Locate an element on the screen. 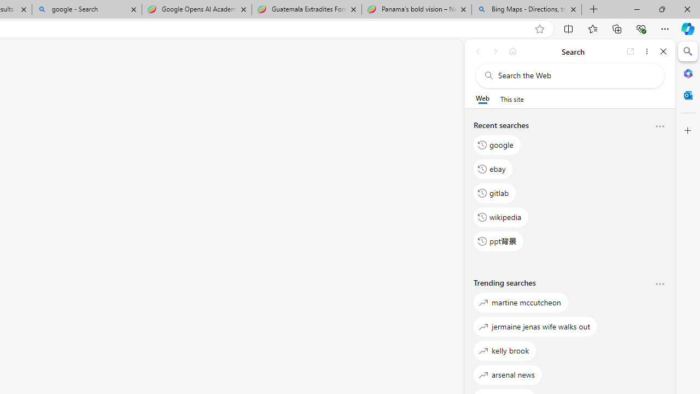 This screenshot has height=394, width=700. 'martine mccutcheon' is located at coordinates (520, 302).